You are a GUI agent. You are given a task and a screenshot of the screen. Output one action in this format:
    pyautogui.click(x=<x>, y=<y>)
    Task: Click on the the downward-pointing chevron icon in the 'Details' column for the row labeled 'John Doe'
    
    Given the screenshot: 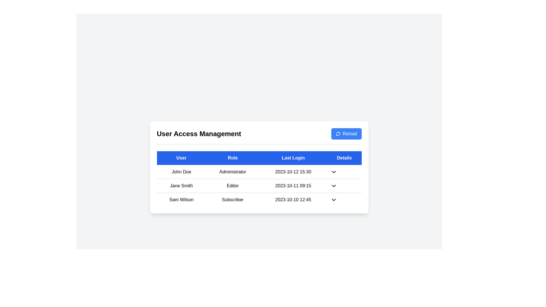 What is the action you would take?
    pyautogui.click(x=334, y=172)
    